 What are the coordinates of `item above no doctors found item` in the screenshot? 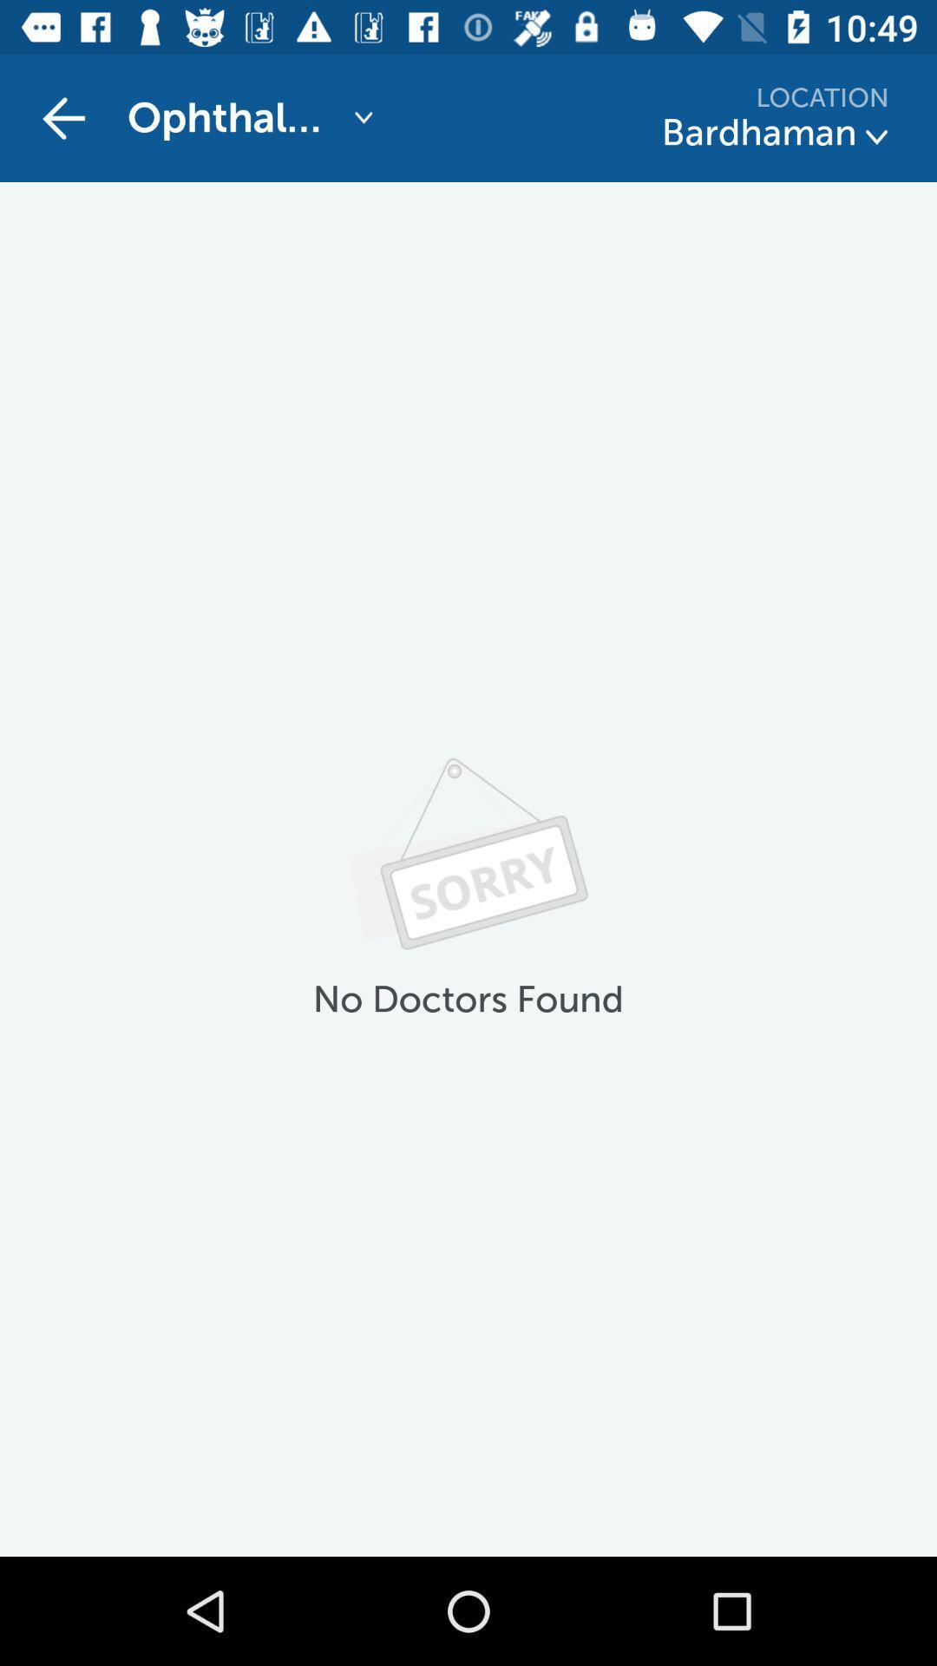 It's located at (62, 117).